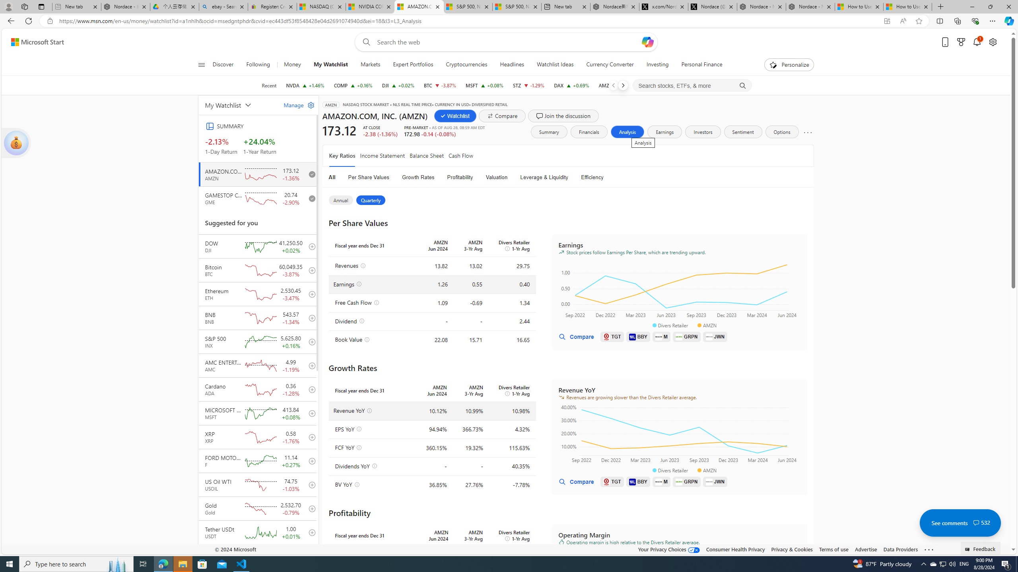 The width and height of the screenshot is (1018, 572). What do you see at coordinates (371, 199) in the screenshot?
I see `'Quarterly'` at bounding box center [371, 199].